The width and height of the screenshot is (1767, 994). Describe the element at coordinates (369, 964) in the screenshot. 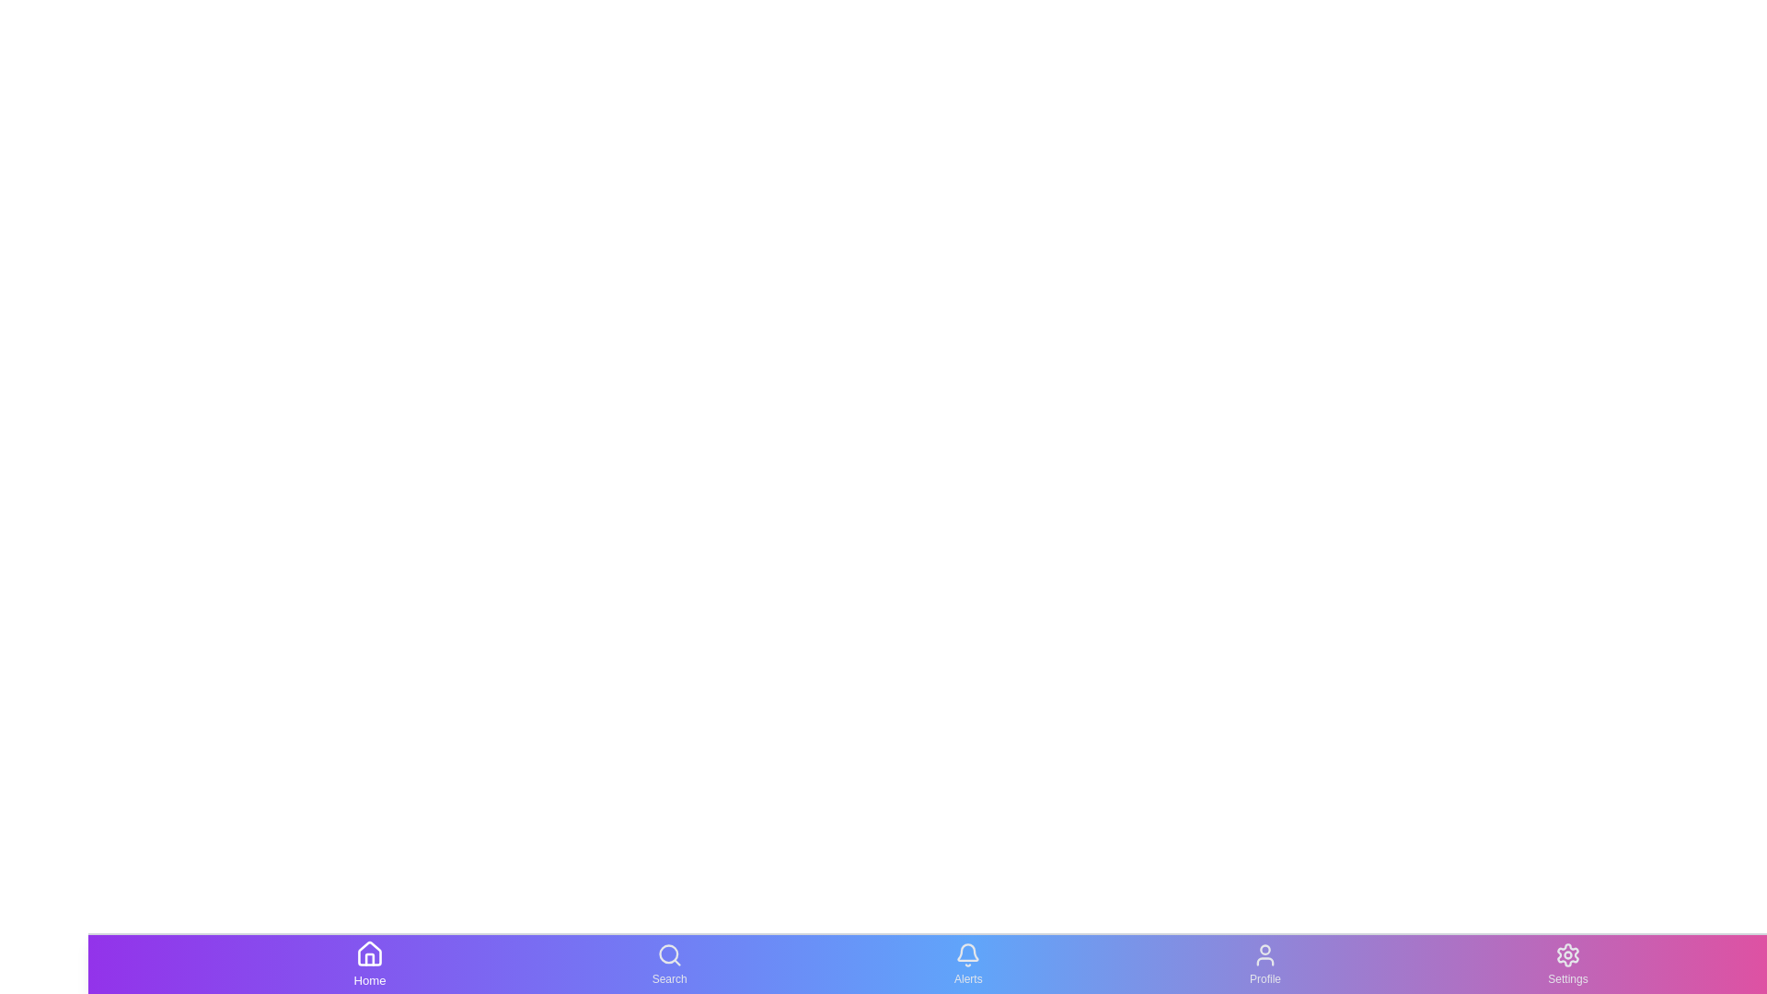

I see `the Home tab in the bottom navigation bar` at that location.